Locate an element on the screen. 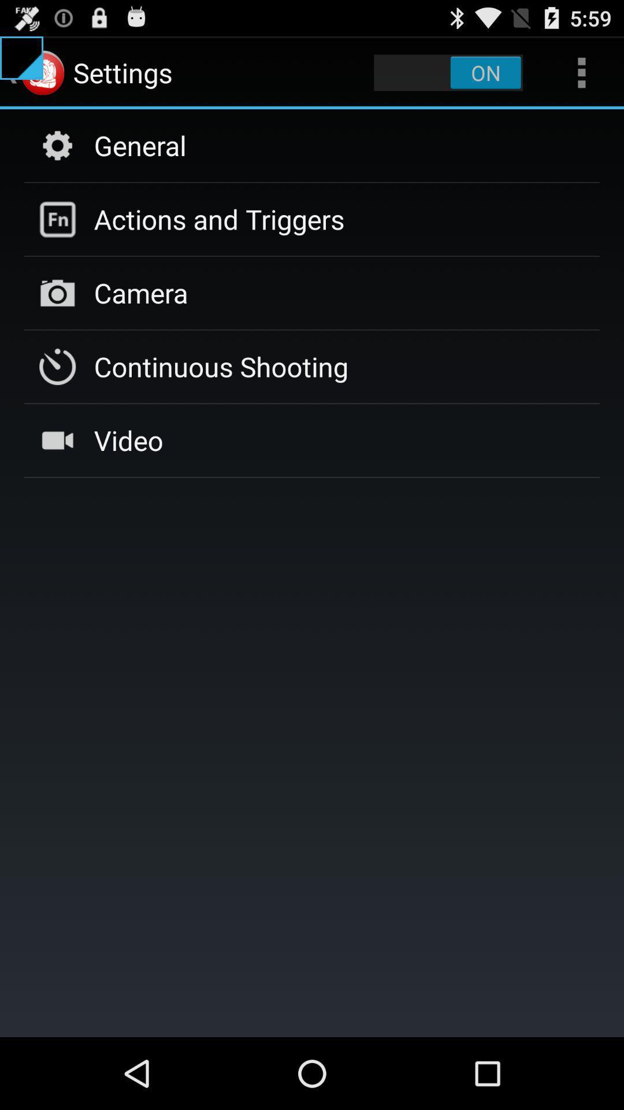 The image size is (624, 1110). icon above the camera item is located at coordinates (219, 219).